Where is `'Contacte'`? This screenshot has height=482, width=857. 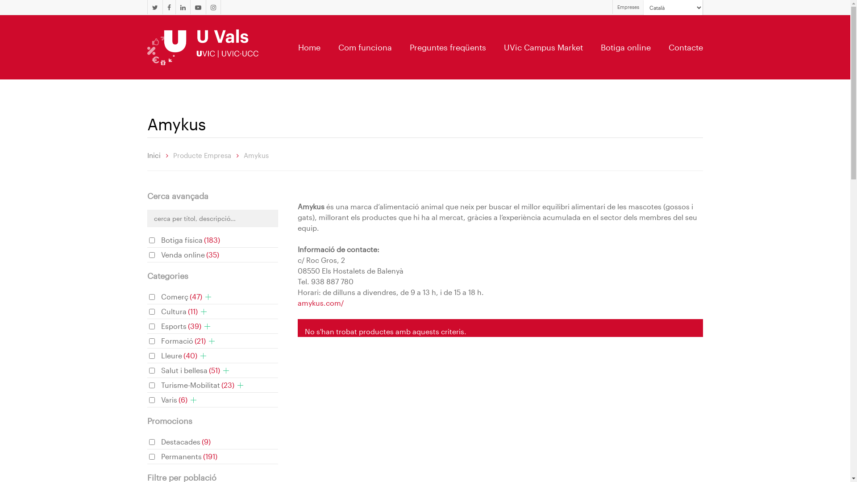
'Contacte' is located at coordinates (685, 47).